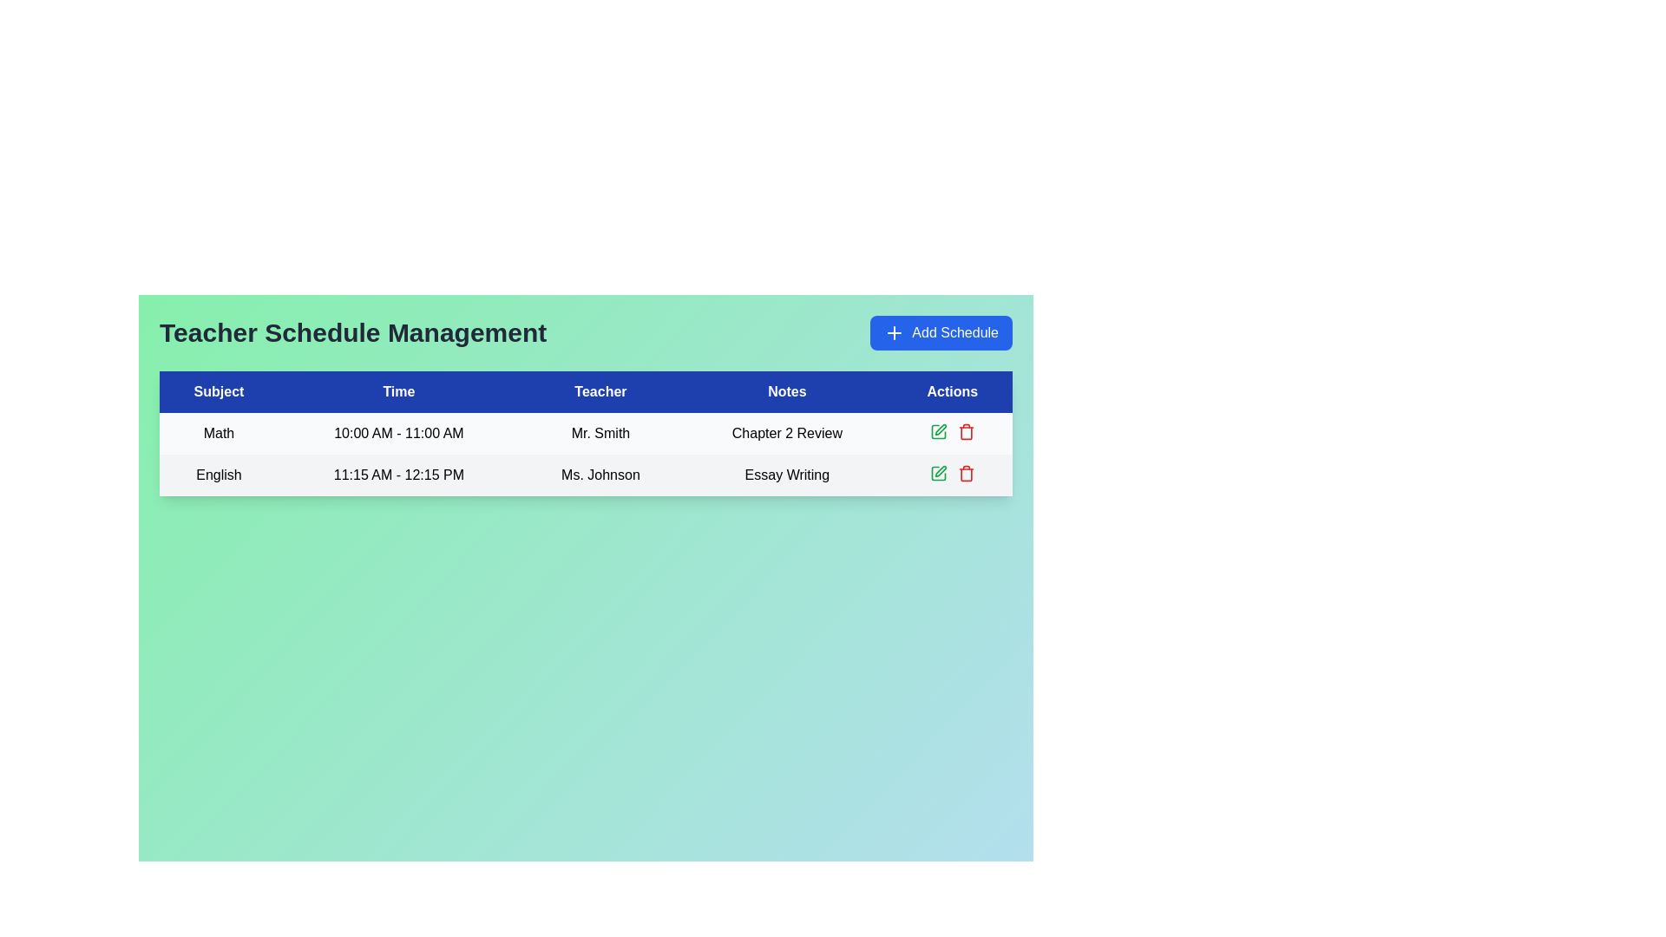 Image resolution: width=1666 pixels, height=937 pixels. What do you see at coordinates (218, 433) in the screenshot?
I see `the static text label displaying 'Math' in bold black font, located in the first column of the schedule information table` at bounding box center [218, 433].